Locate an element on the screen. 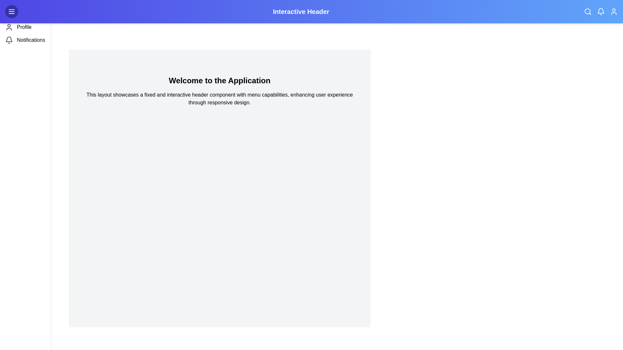  the menu toggle button located at the top-left corner of the header is located at coordinates (11, 11).